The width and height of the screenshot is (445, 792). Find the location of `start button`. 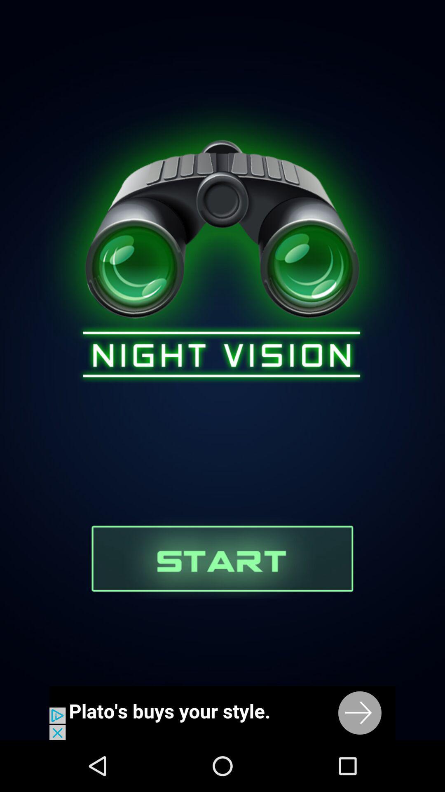

start button is located at coordinates (222, 558).